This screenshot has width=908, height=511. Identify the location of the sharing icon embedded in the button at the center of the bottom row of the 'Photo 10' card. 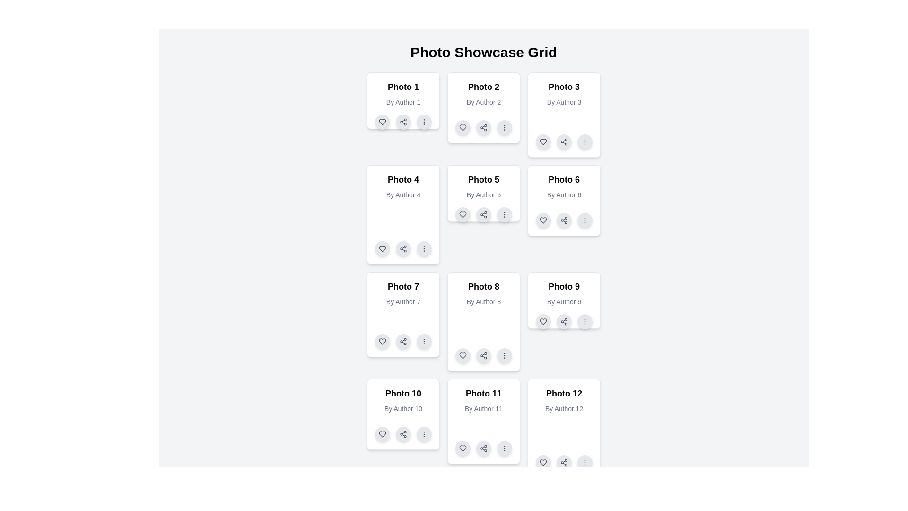
(403, 434).